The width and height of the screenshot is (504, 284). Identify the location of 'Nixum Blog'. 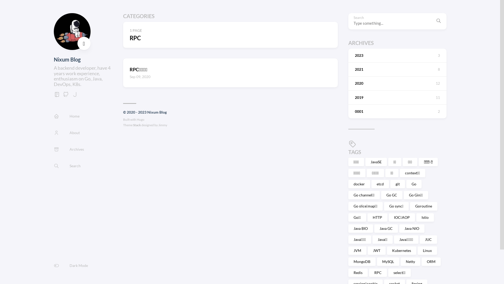
(66, 59).